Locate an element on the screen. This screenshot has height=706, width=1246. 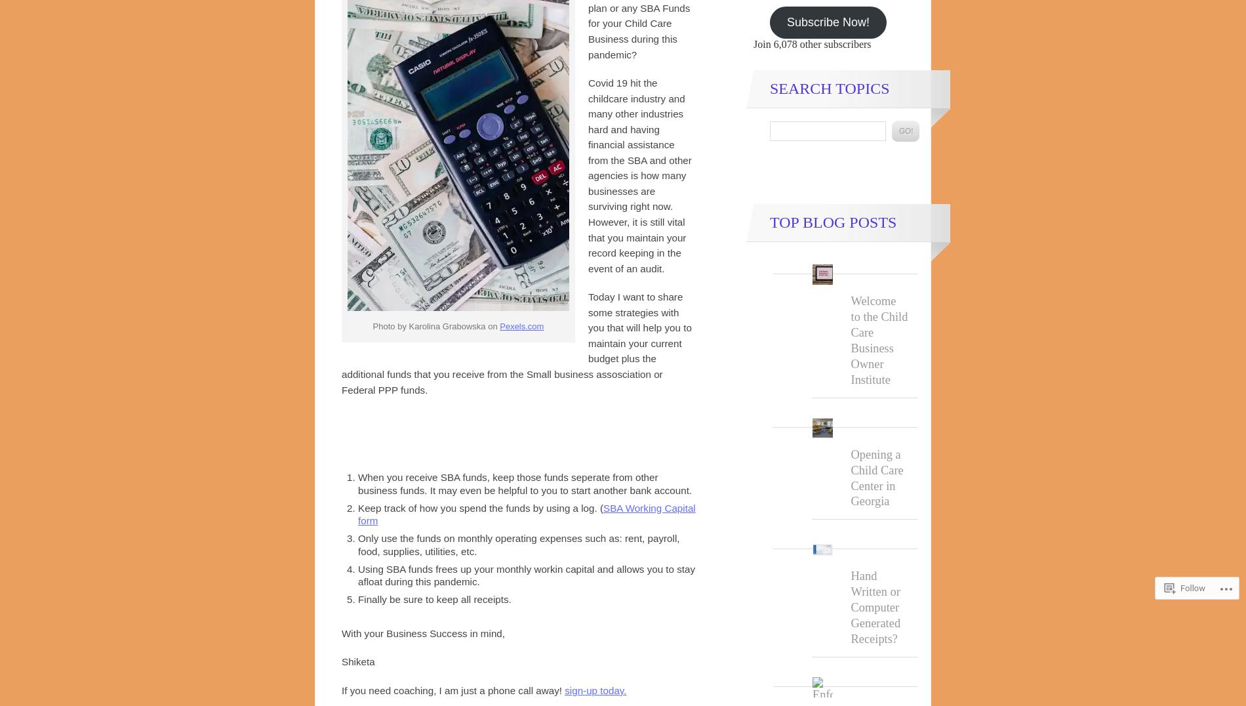
'sign-up today.' is located at coordinates (595, 690).